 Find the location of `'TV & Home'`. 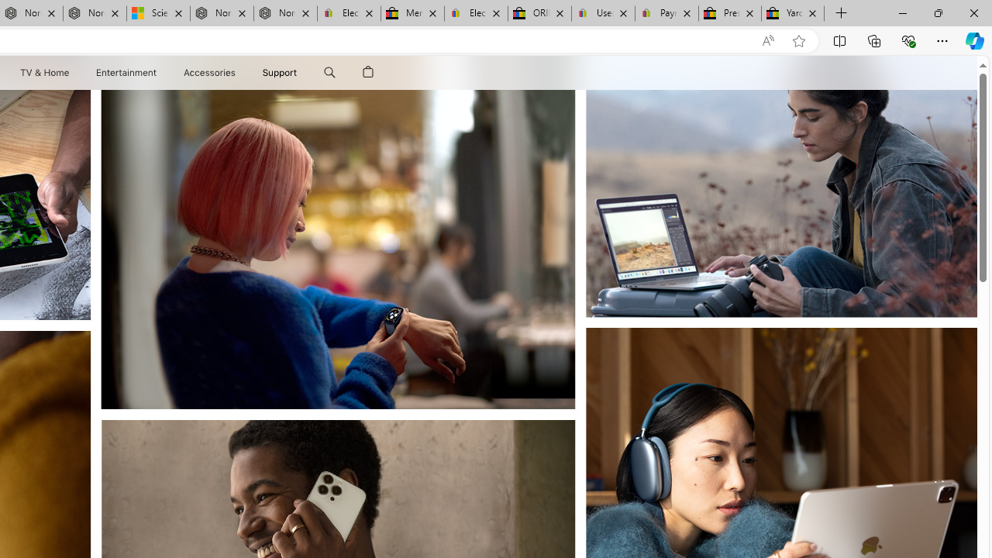

'TV & Home' is located at coordinates (43, 72).